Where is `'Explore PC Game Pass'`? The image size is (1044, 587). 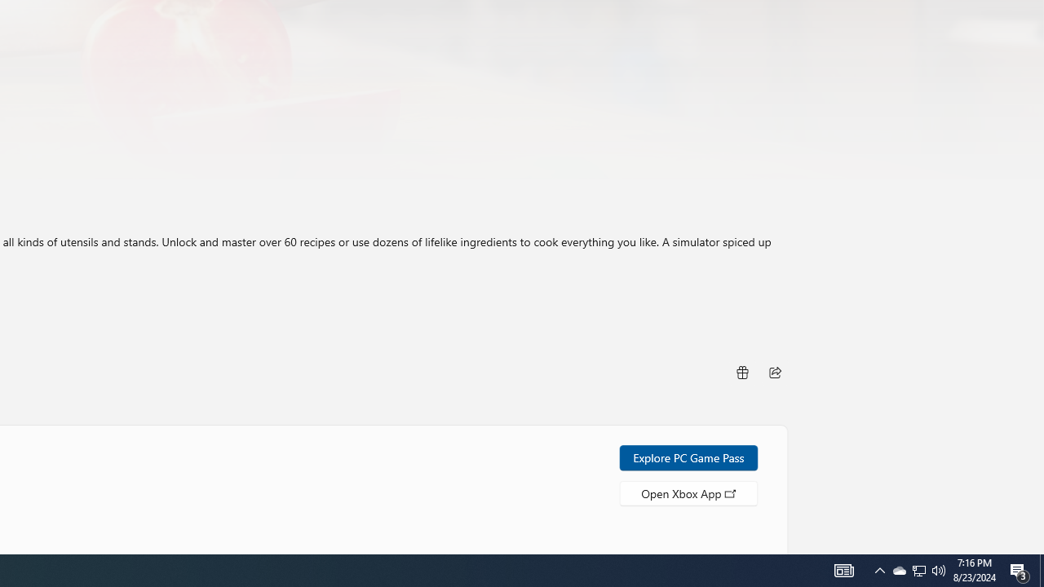
'Explore PC Game Pass' is located at coordinates (688, 457).